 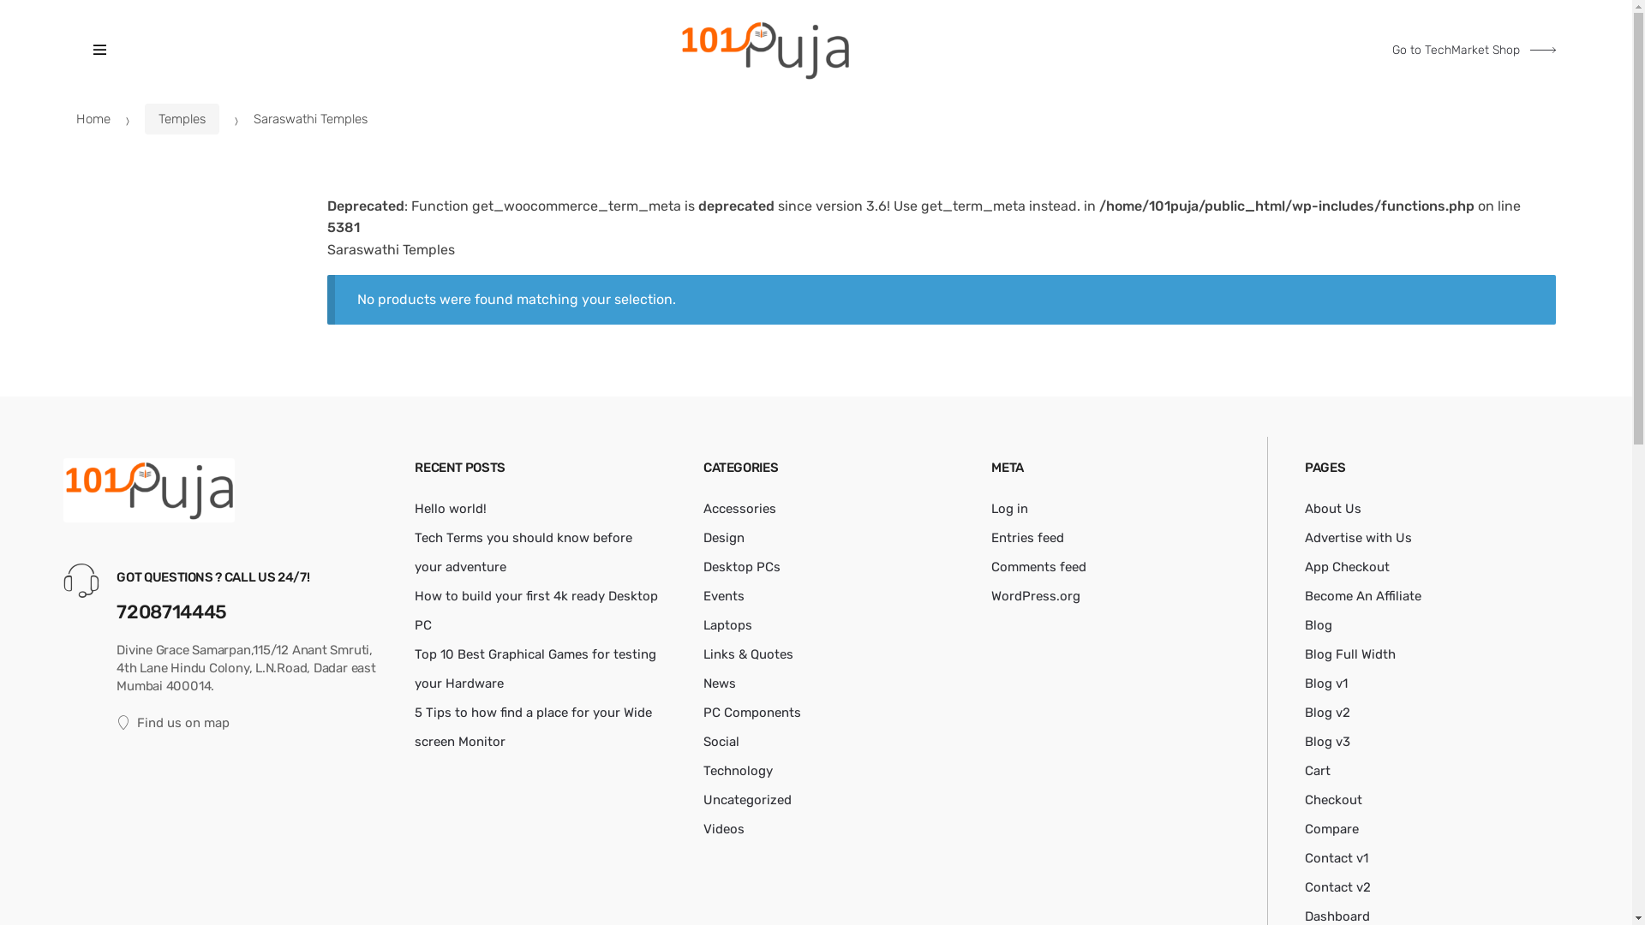 I want to click on 'Become An Affiliate', so click(x=1361, y=594).